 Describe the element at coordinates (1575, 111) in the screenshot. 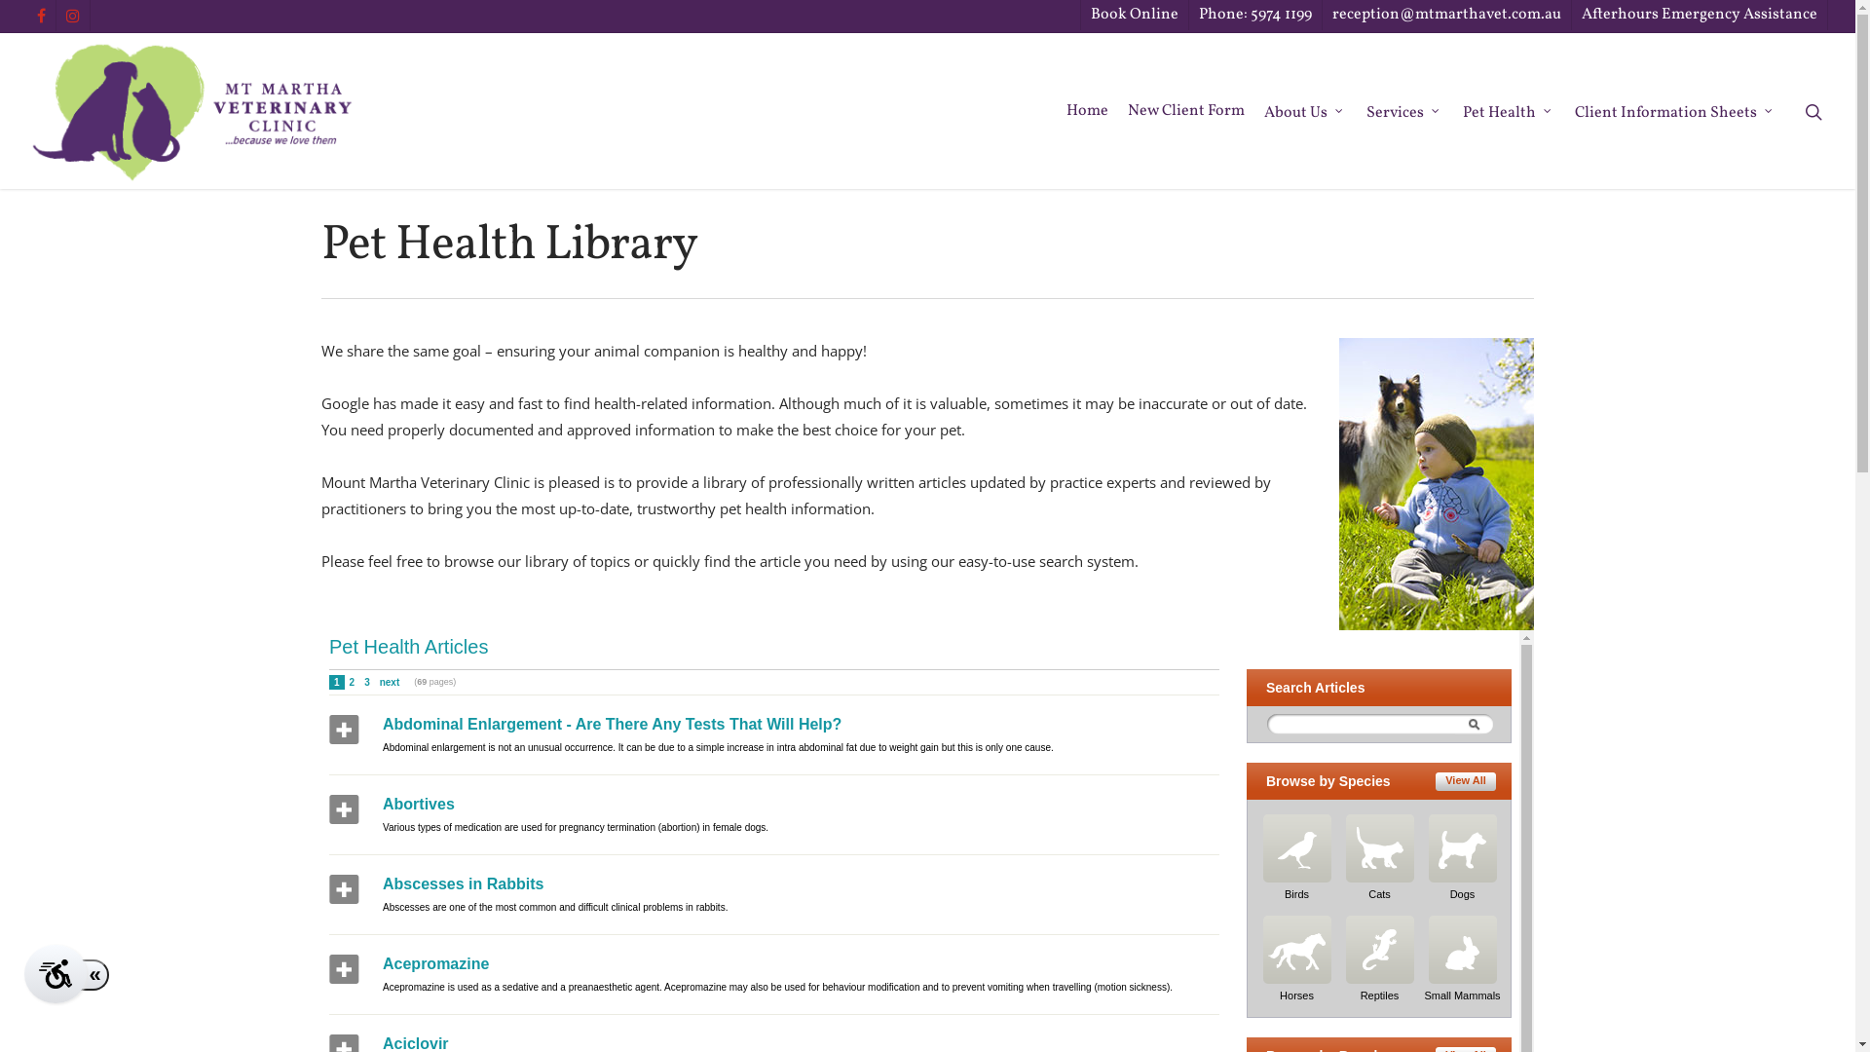

I see `'Client Information Sheets'` at that location.